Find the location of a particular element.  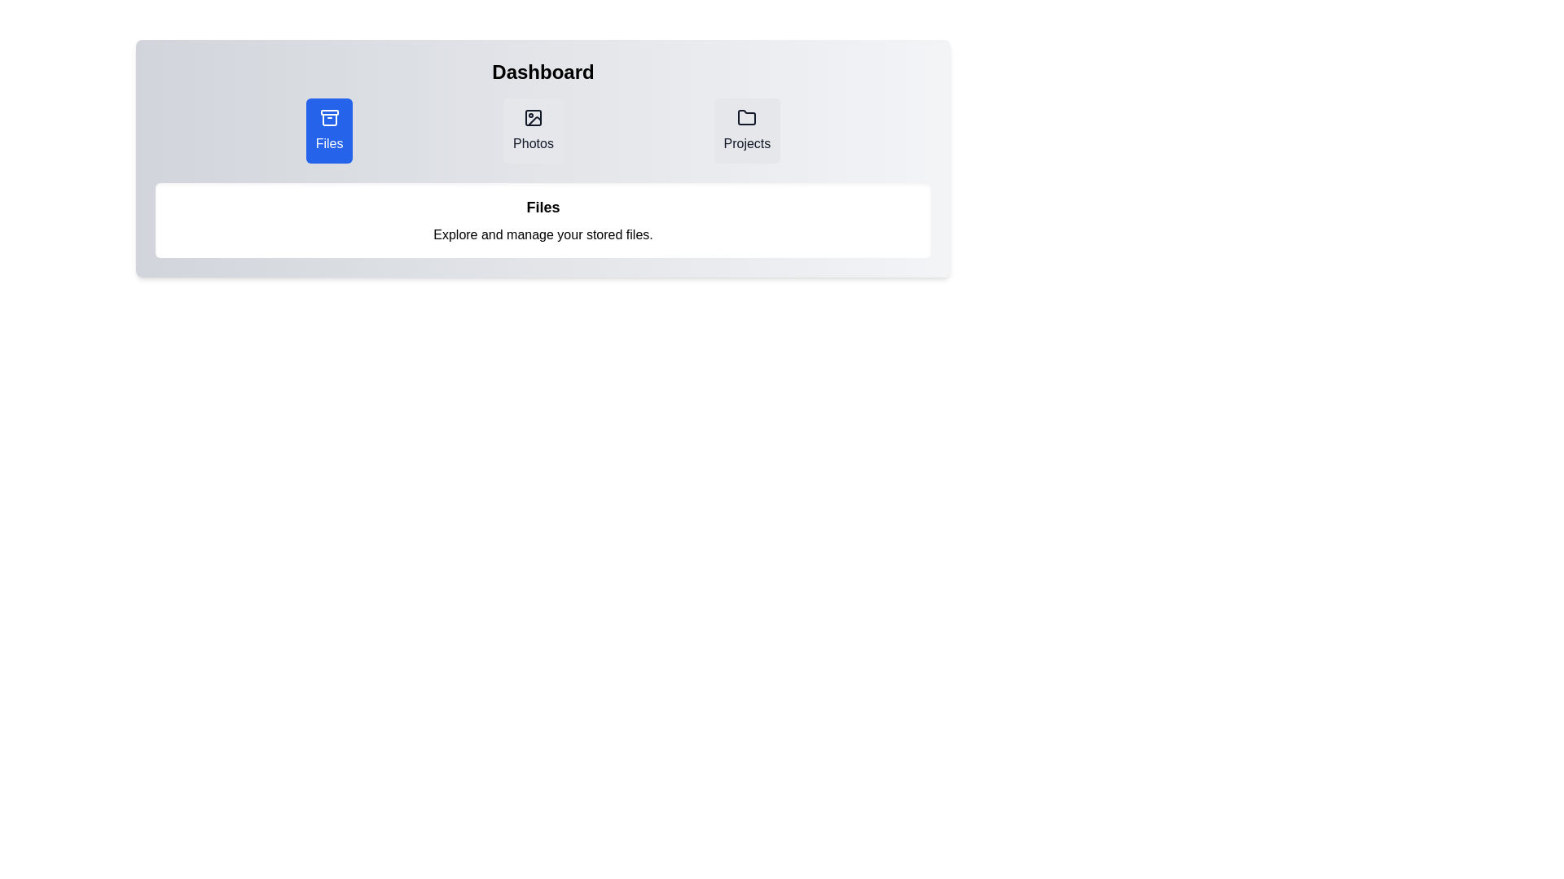

the tab labeled Projects to view its content is located at coordinates (746, 130).